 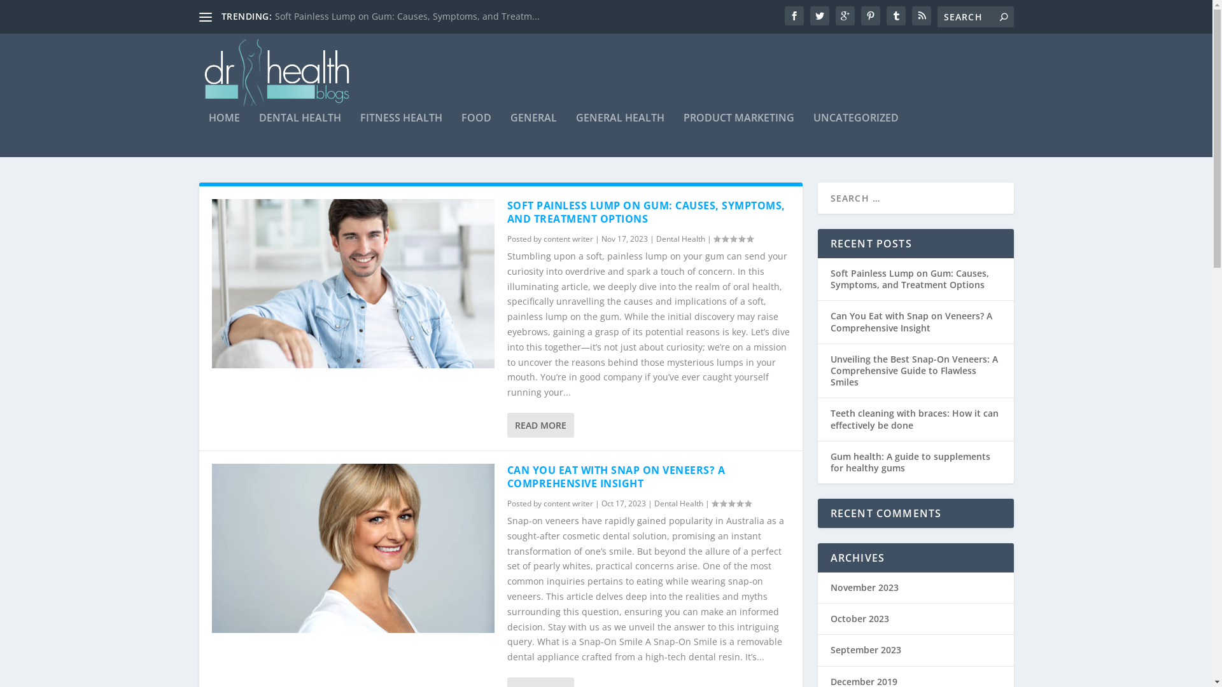 What do you see at coordinates (475, 135) in the screenshot?
I see `'FOOD'` at bounding box center [475, 135].